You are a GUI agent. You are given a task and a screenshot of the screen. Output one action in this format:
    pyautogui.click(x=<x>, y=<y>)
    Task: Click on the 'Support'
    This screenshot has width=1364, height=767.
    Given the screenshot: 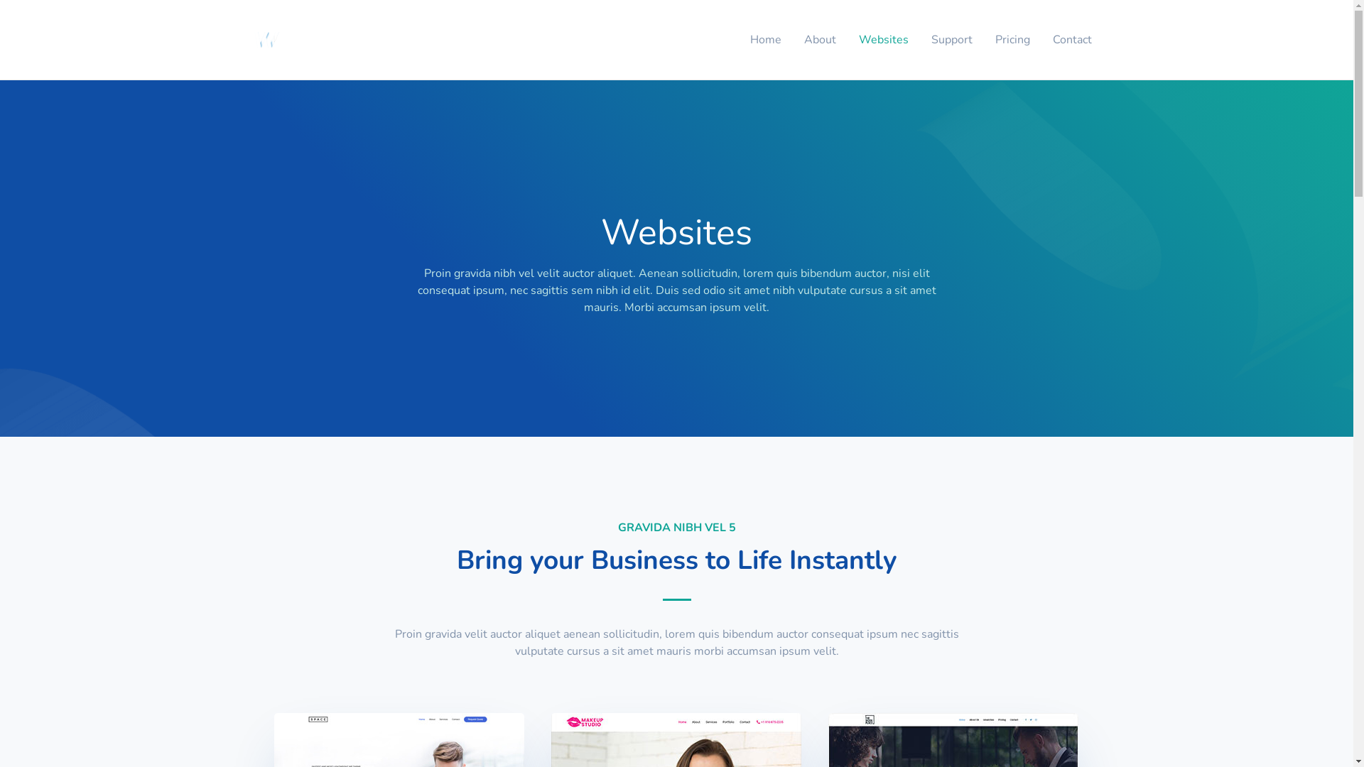 What is the action you would take?
    pyautogui.click(x=951, y=39)
    